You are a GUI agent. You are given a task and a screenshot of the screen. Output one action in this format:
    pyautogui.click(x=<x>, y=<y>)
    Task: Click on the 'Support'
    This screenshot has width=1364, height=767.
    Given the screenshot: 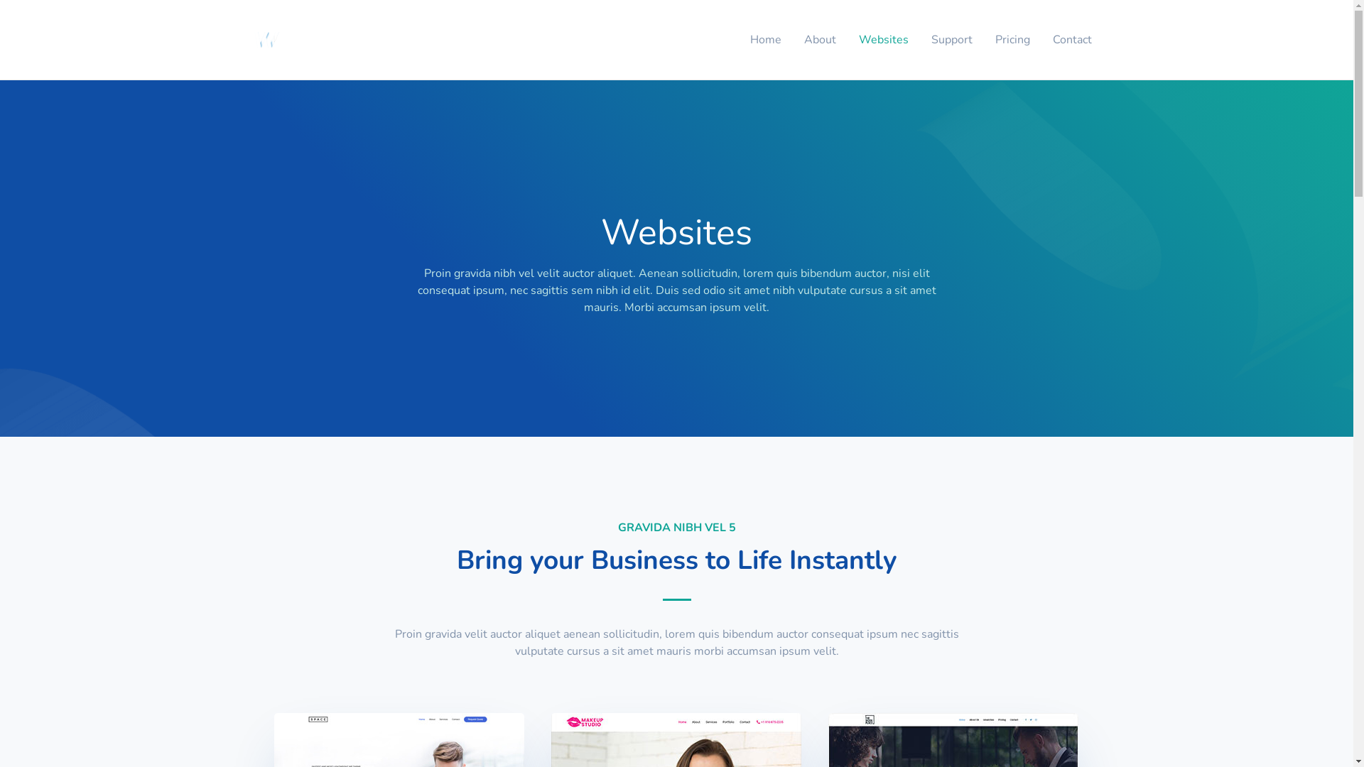 What is the action you would take?
    pyautogui.click(x=951, y=39)
    